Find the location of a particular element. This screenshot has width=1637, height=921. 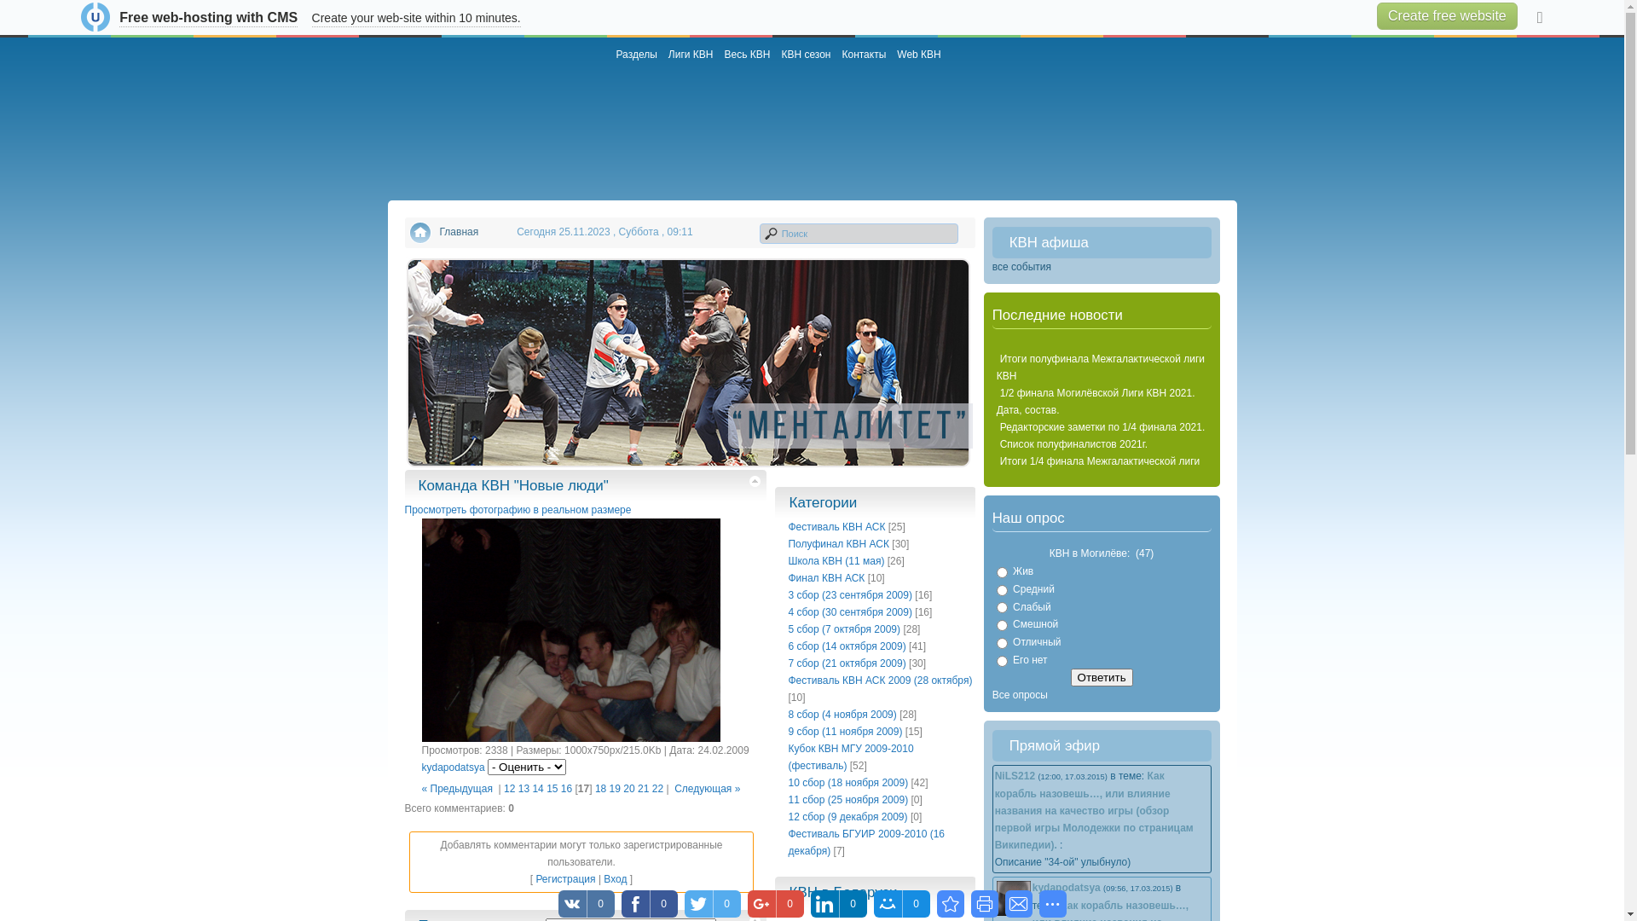

'14' is located at coordinates (536, 789).